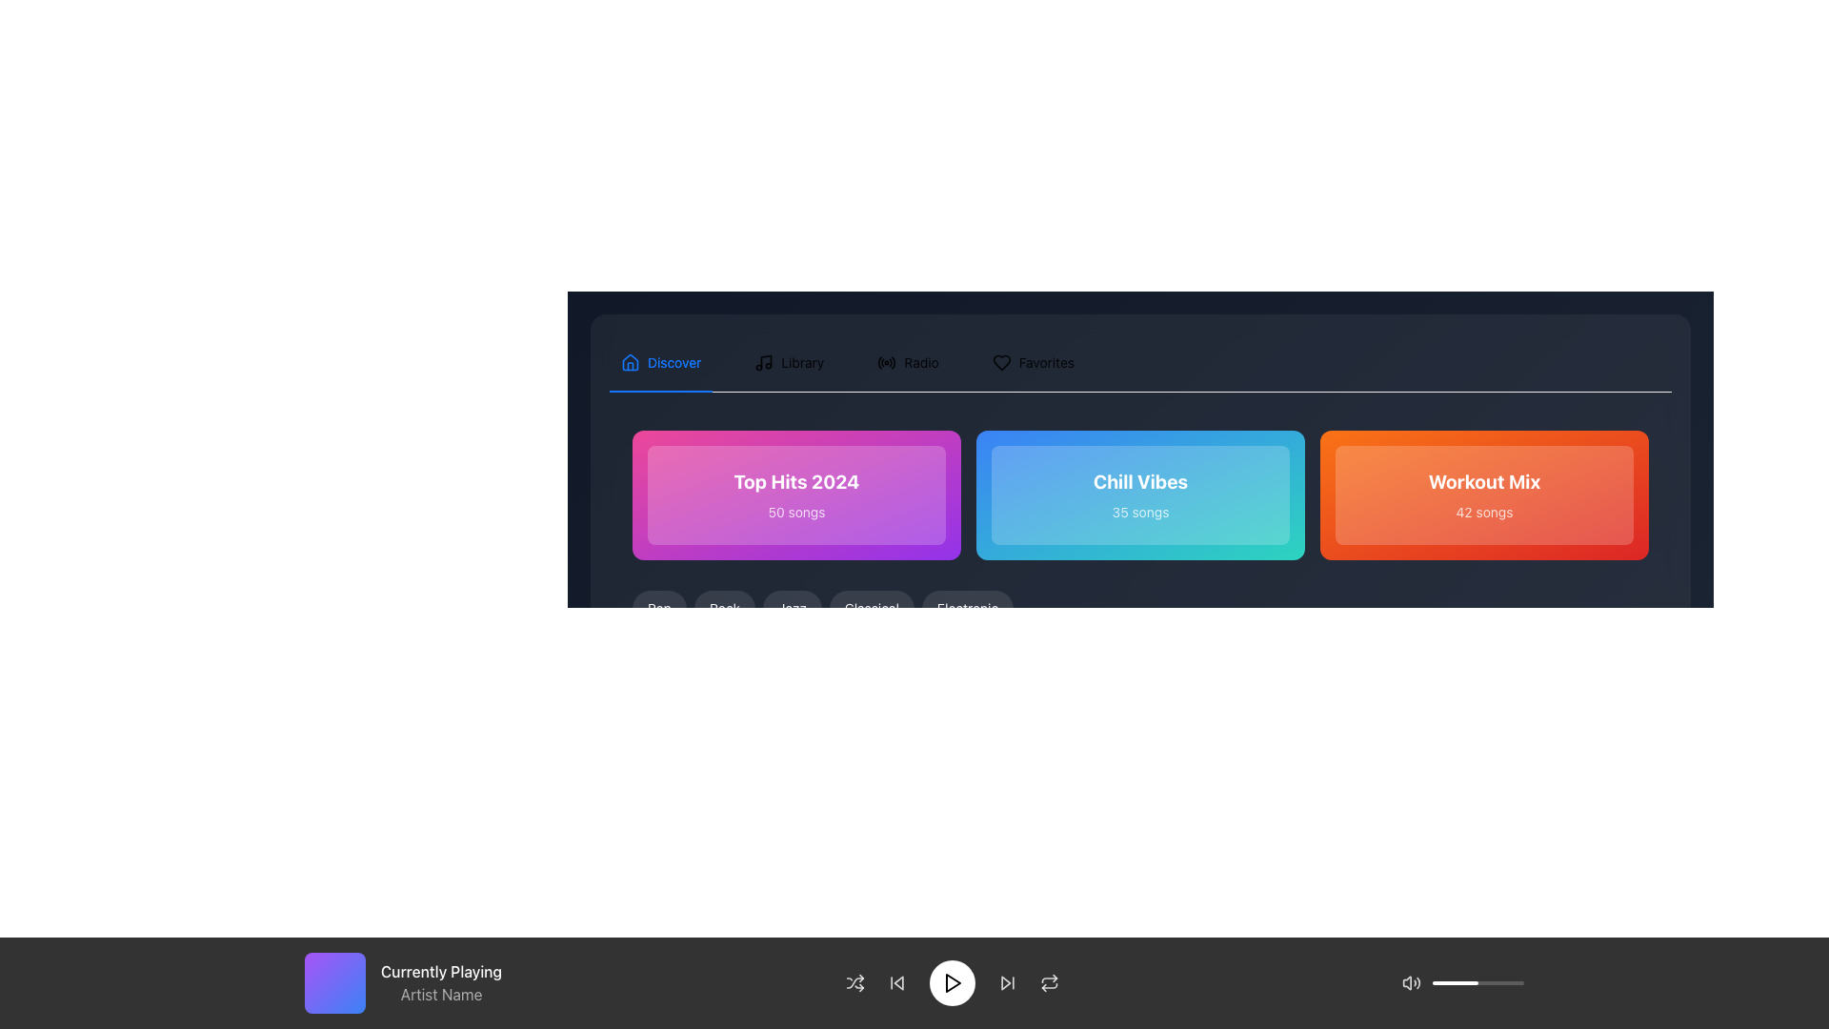 Image resolution: width=1829 pixels, height=1029 pixels. Describe the element at coordinates (952, 983) in the screenshot. I see `the Play button icon in the media control interface` at that location.